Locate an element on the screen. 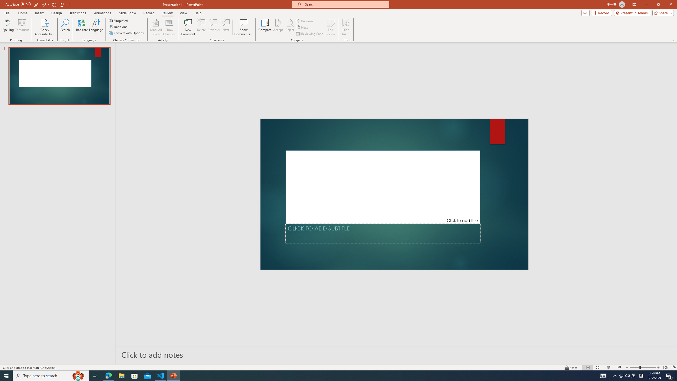 The image size is (677, 381). 'End Review' is located at coordinates (330, 27).